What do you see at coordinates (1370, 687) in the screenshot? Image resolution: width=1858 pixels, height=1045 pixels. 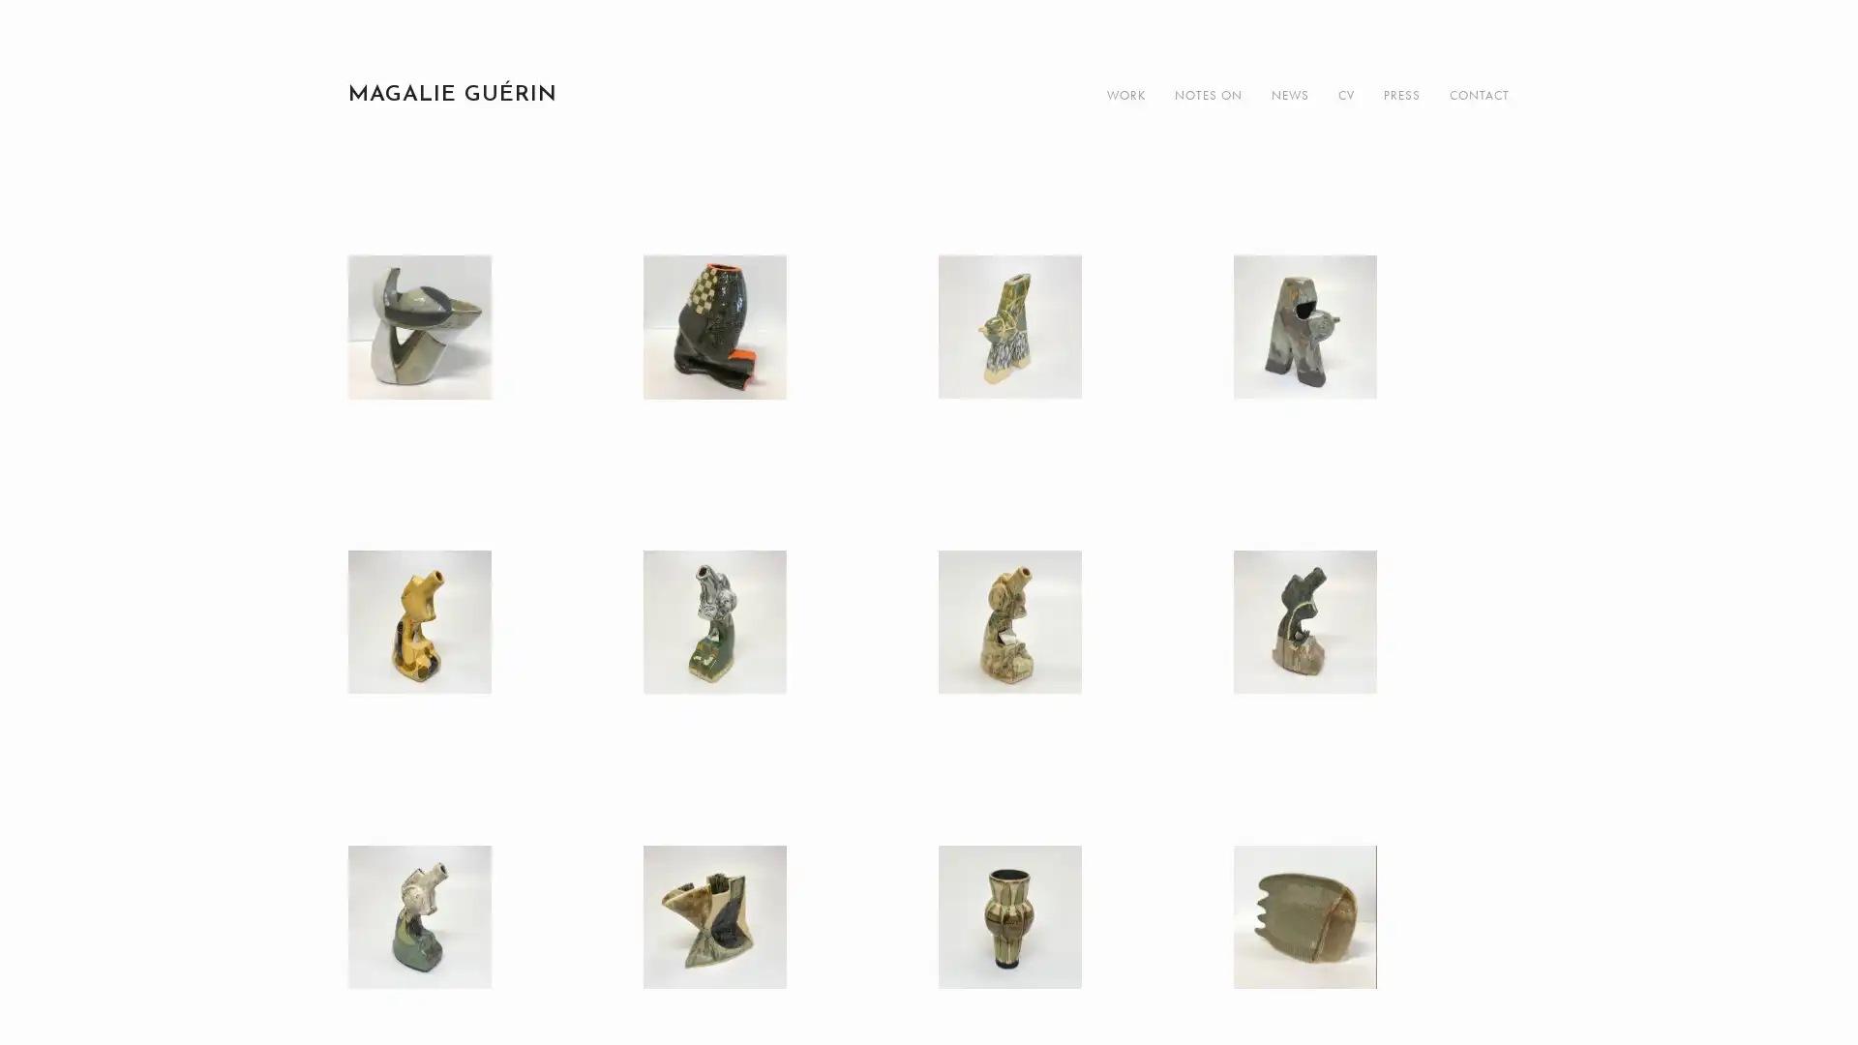 I see `View fullsize IMG_7721.jpg` at bounding box center [1370, 687].